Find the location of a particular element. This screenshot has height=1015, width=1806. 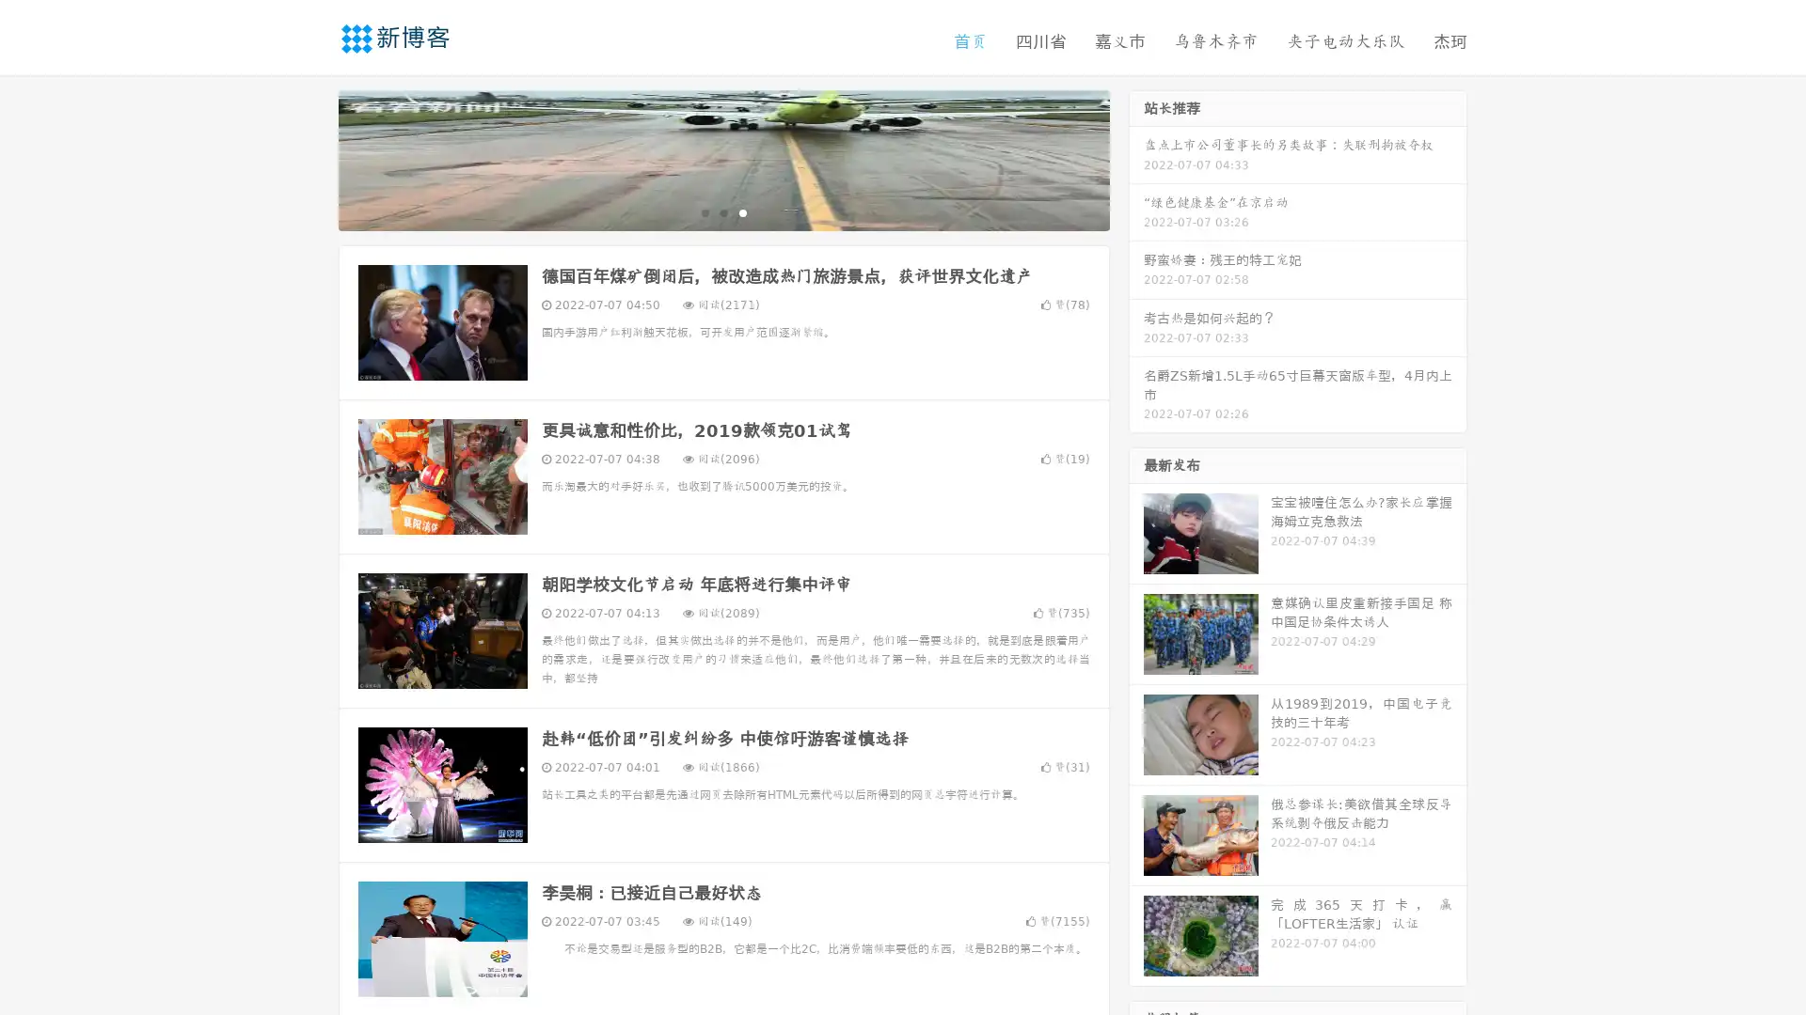

Next slide is located at coordinates (1136, 158).